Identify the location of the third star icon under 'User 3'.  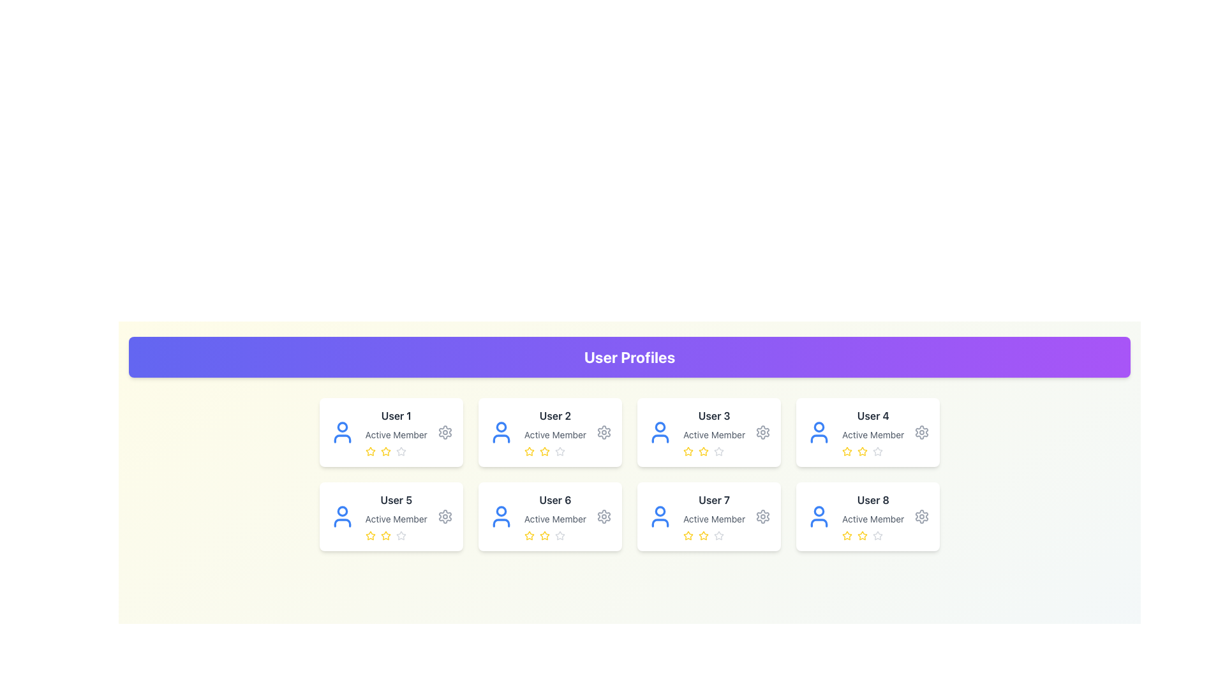
(703, 451).